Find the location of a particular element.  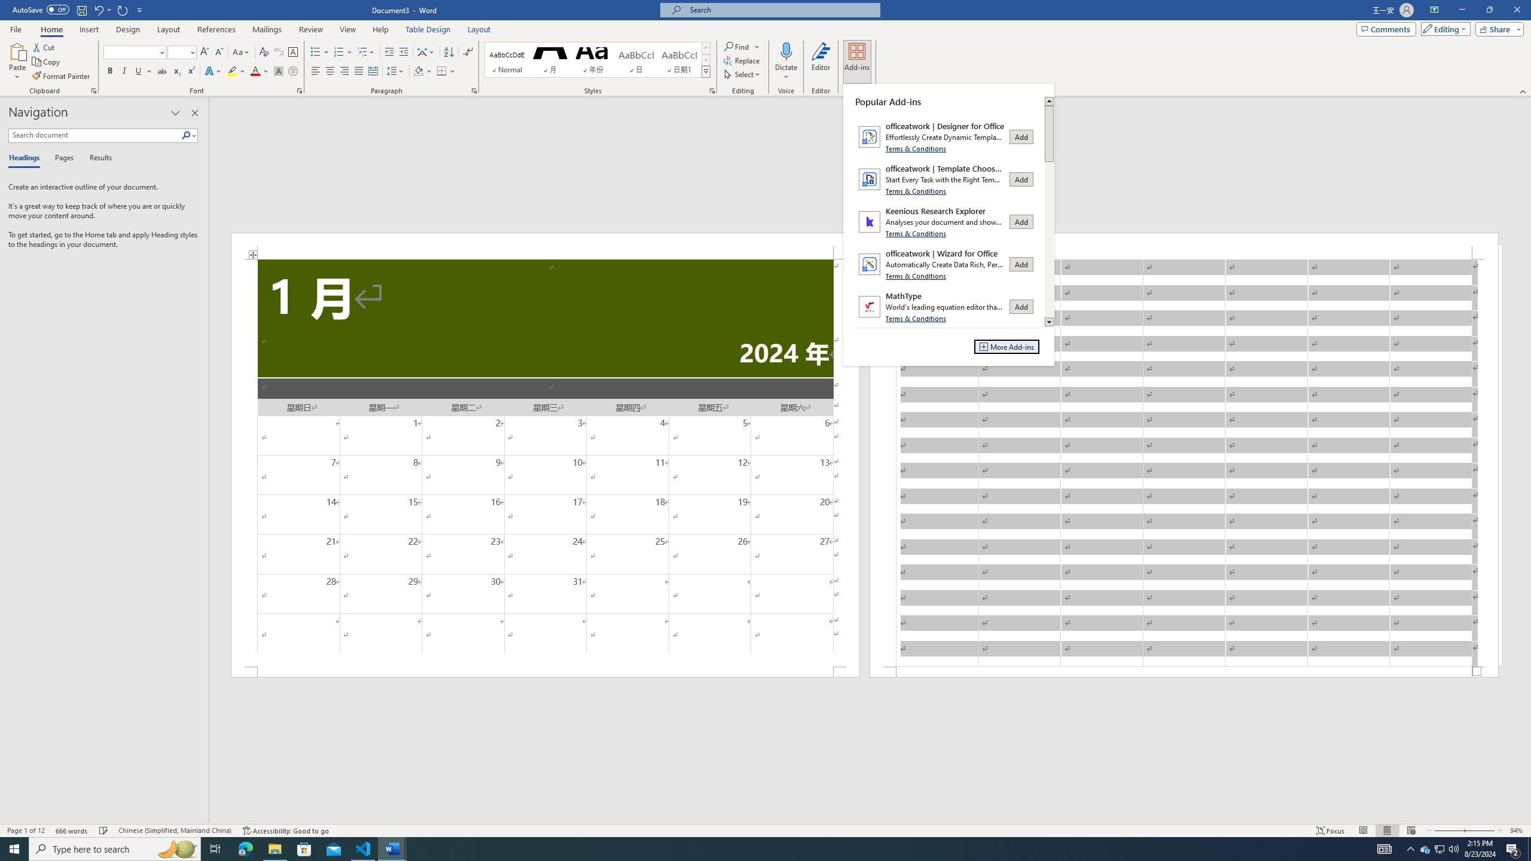

'File Explorer - 1 running window' is located at coordinates (274, 848).